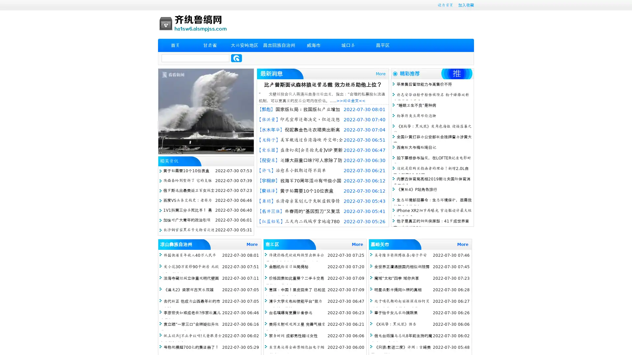 The height and width of the screenshot is (355, 632). What do you see at coordinates (236, 58) in the screenshot?
I see `Search` at bounding box center [236, 58].